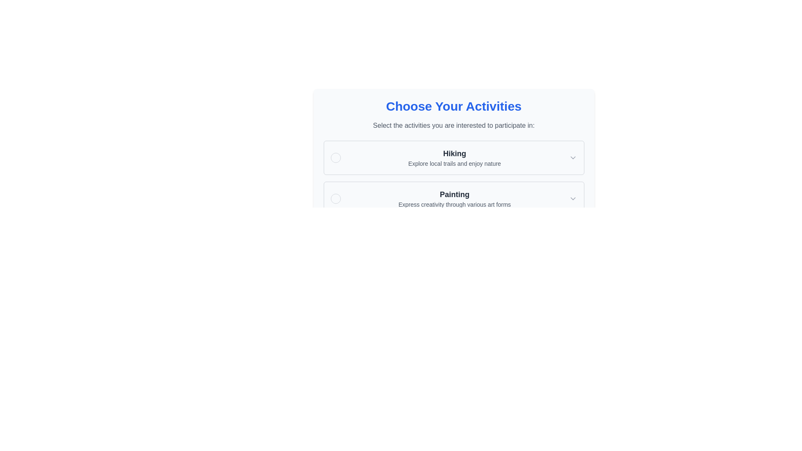  I want to click on the circular radio button located to the left of the 'Painting' text, so click(335, 198).